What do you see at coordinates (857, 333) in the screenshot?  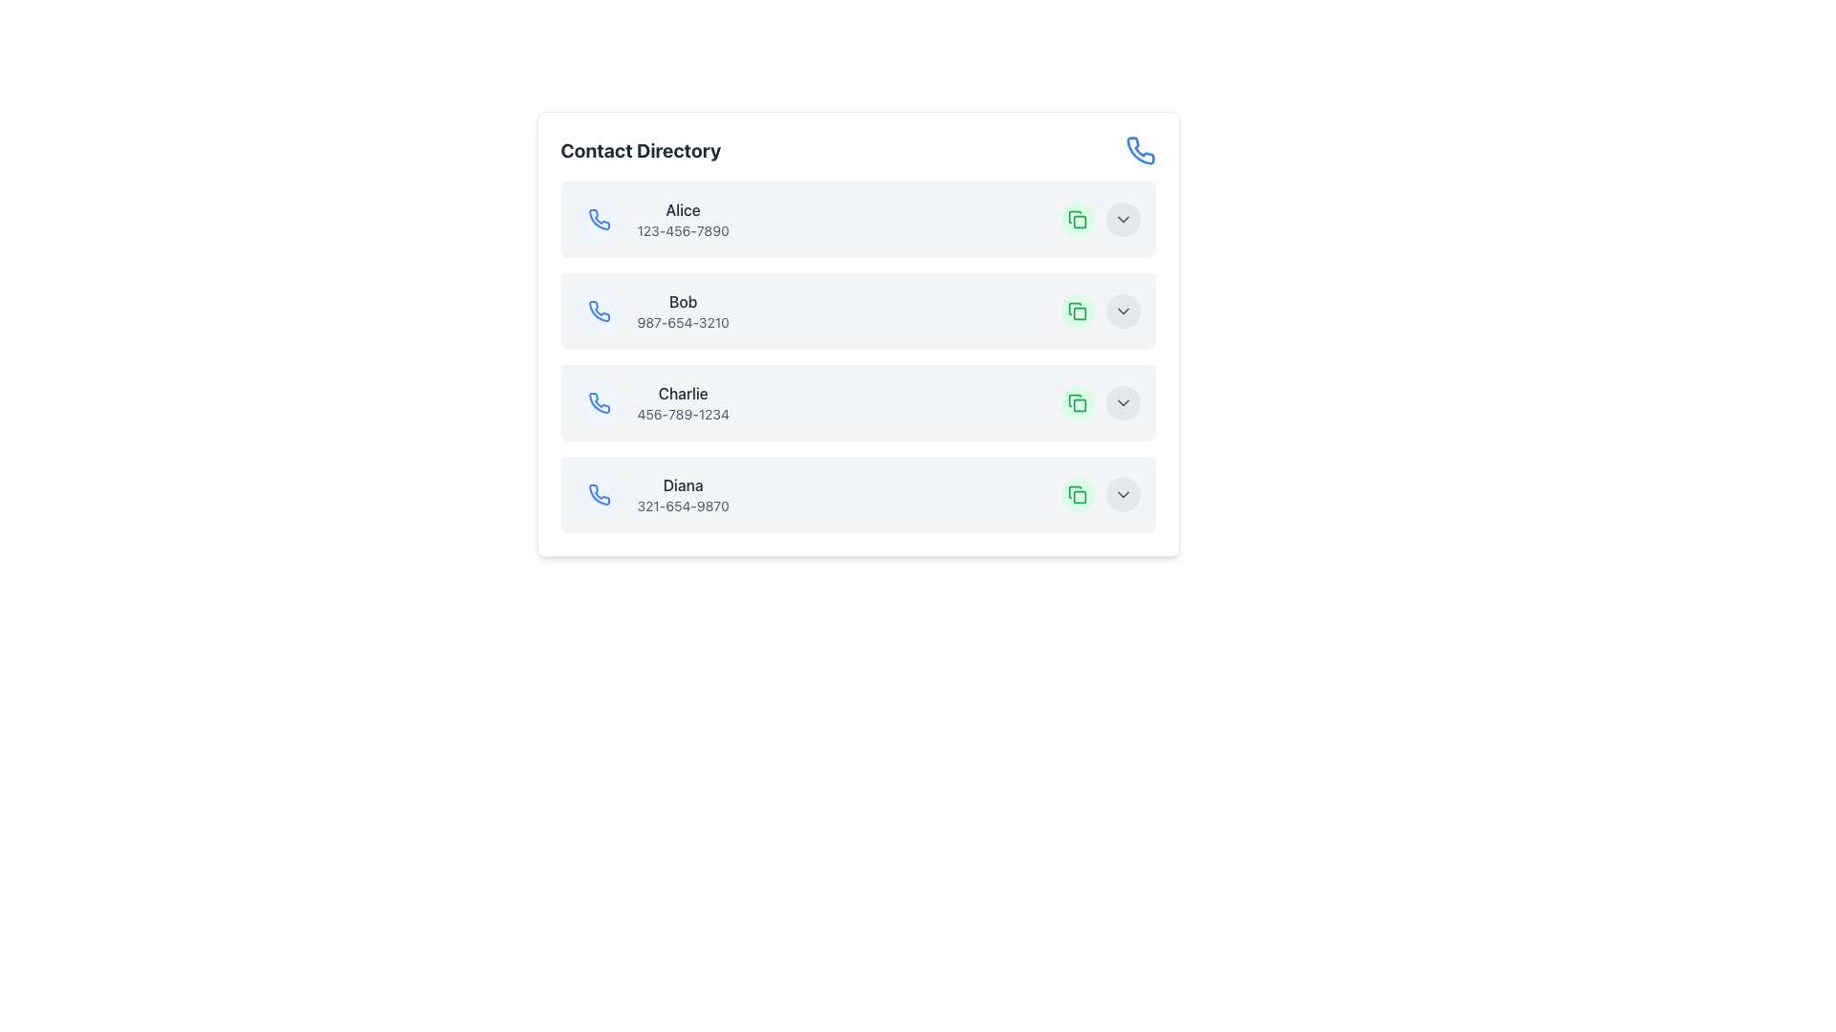 I see `the contact entry in the contact list` at bounding box center [857, 333].